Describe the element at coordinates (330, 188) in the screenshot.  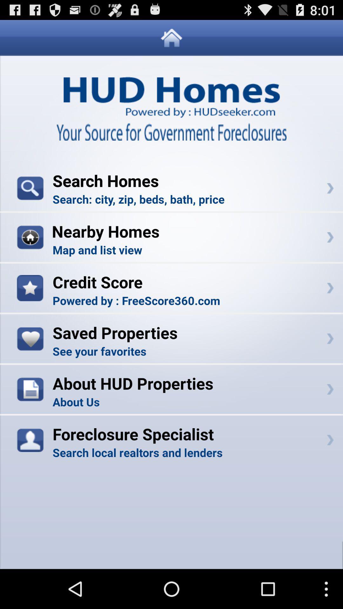
I see `the first next button at the right side of the page` at that location.